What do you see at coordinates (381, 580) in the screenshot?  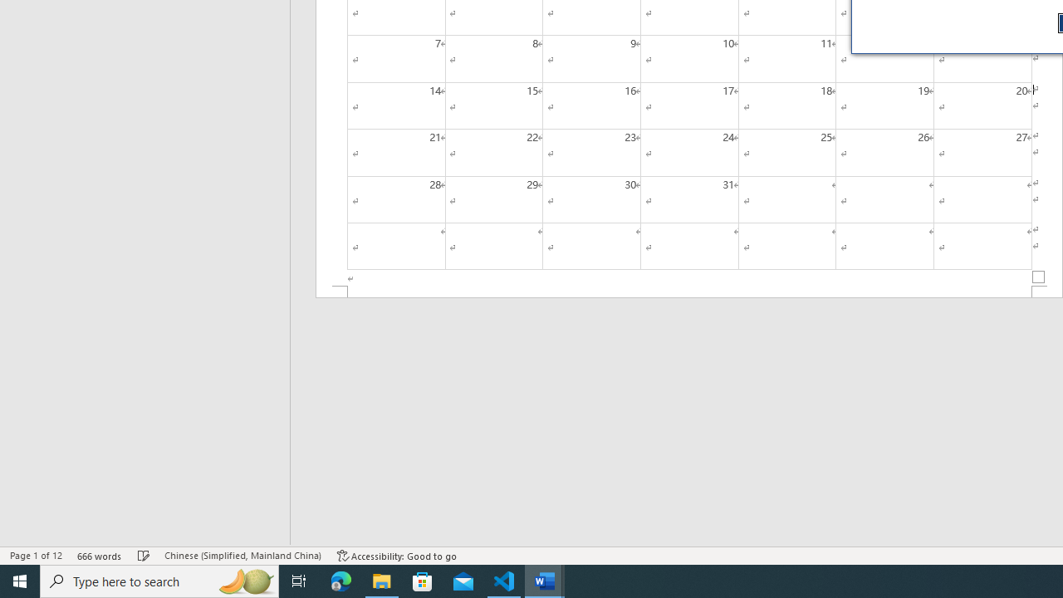 I see `'File Explorer - 1 running window'` at bounding box center [381, 580].